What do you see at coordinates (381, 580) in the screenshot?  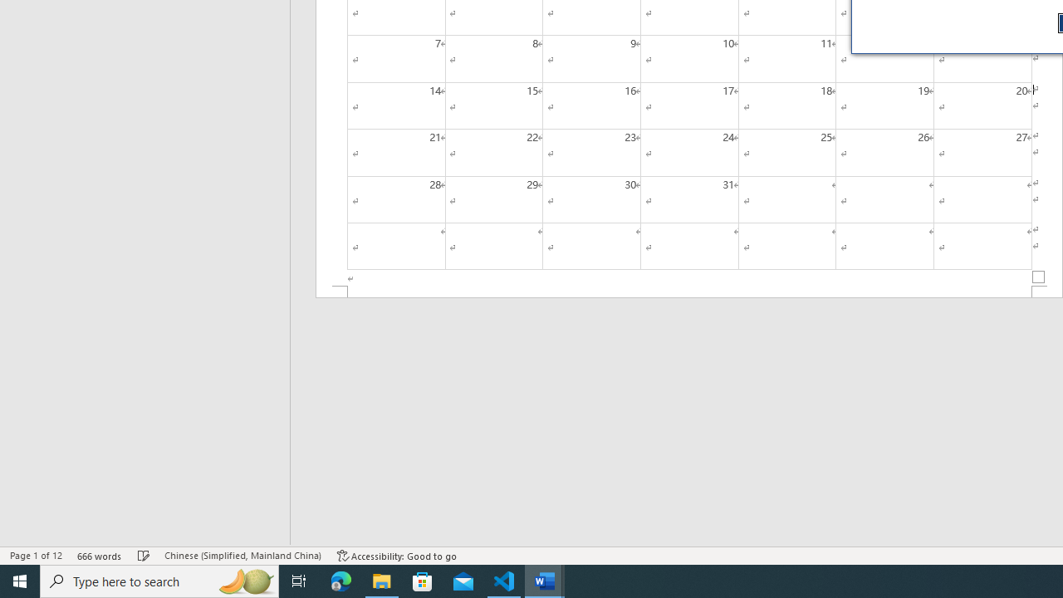 I see `'File Explorer - 1 running window'` at bounding box center [381, 580].